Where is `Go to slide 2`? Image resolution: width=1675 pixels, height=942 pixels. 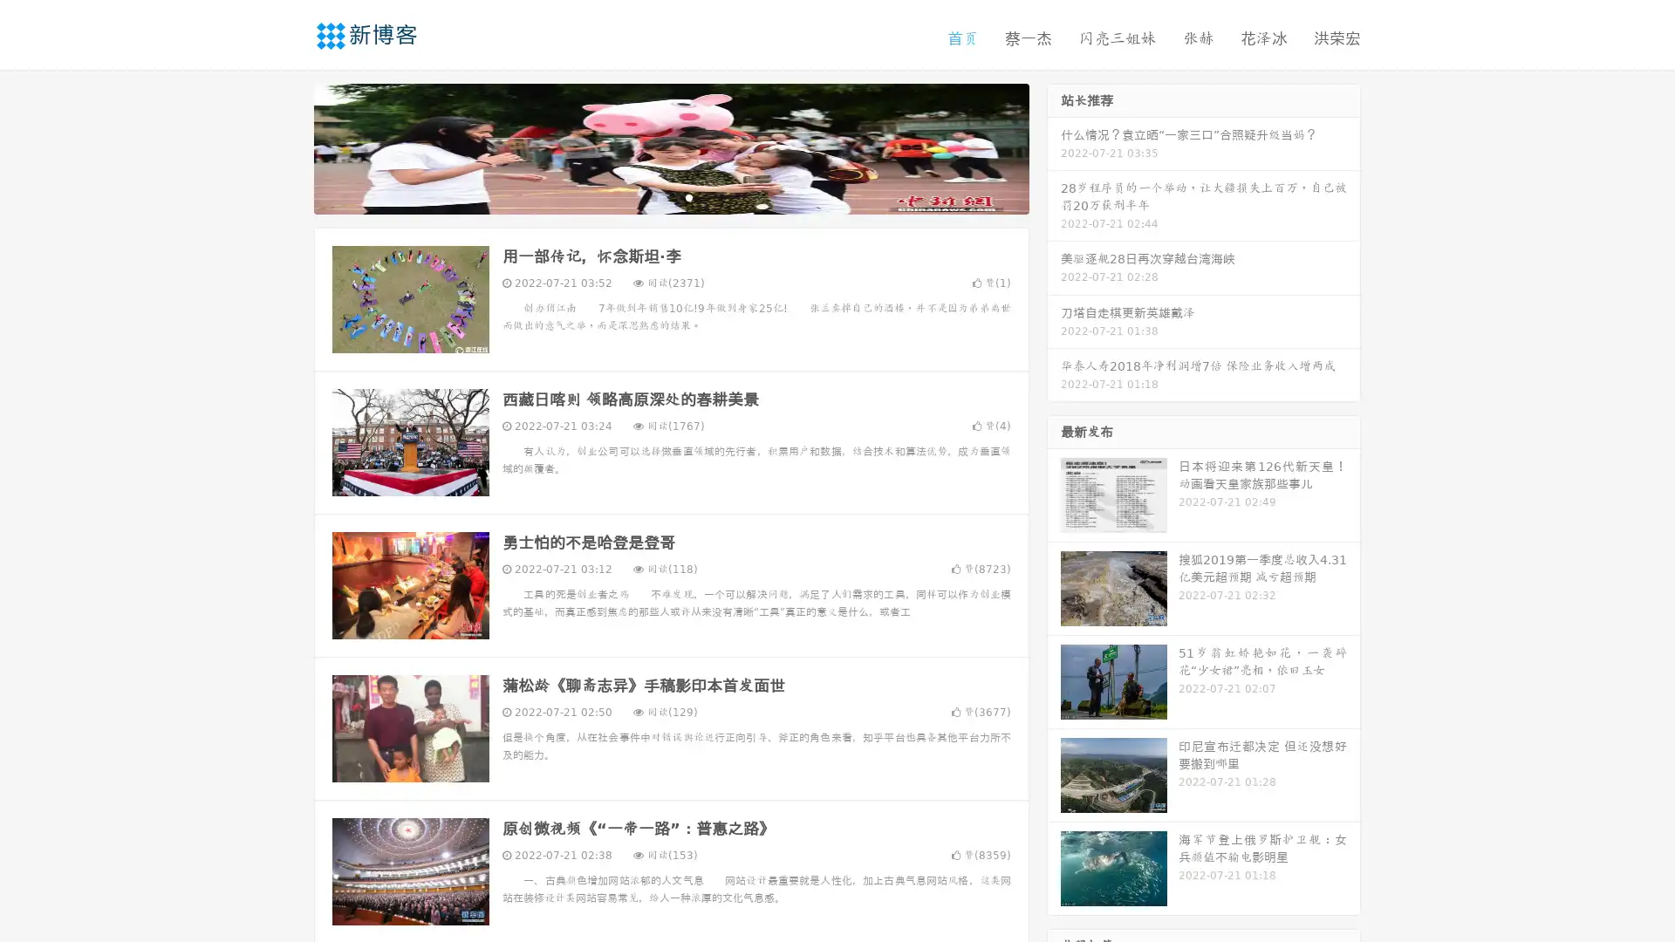 Go to slide 2 is located at coordinates (670, 196).